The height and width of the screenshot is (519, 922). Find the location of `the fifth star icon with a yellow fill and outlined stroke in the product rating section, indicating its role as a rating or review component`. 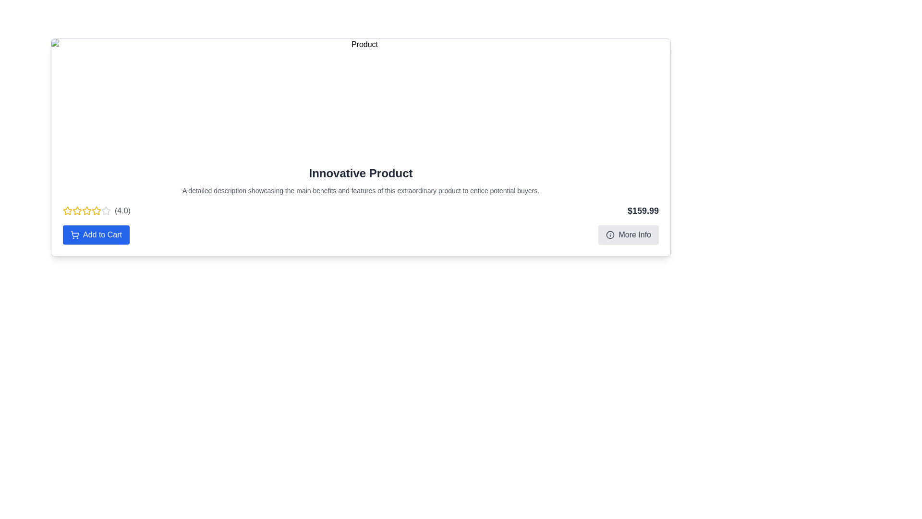

the fifth star icon with a yellow fill and outlined stroke in the product rating section, indicating its role as a rating or review component is located at coordinates (97, 210).